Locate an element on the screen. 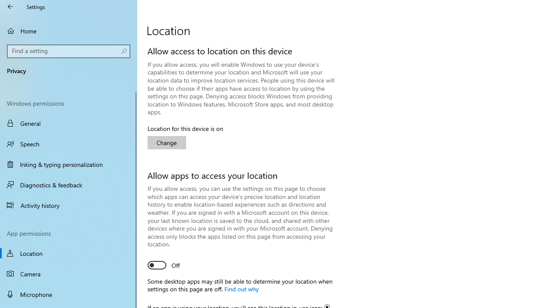 The image size is (549, 308). 'Microphone' is located at coordinates (69, 293).